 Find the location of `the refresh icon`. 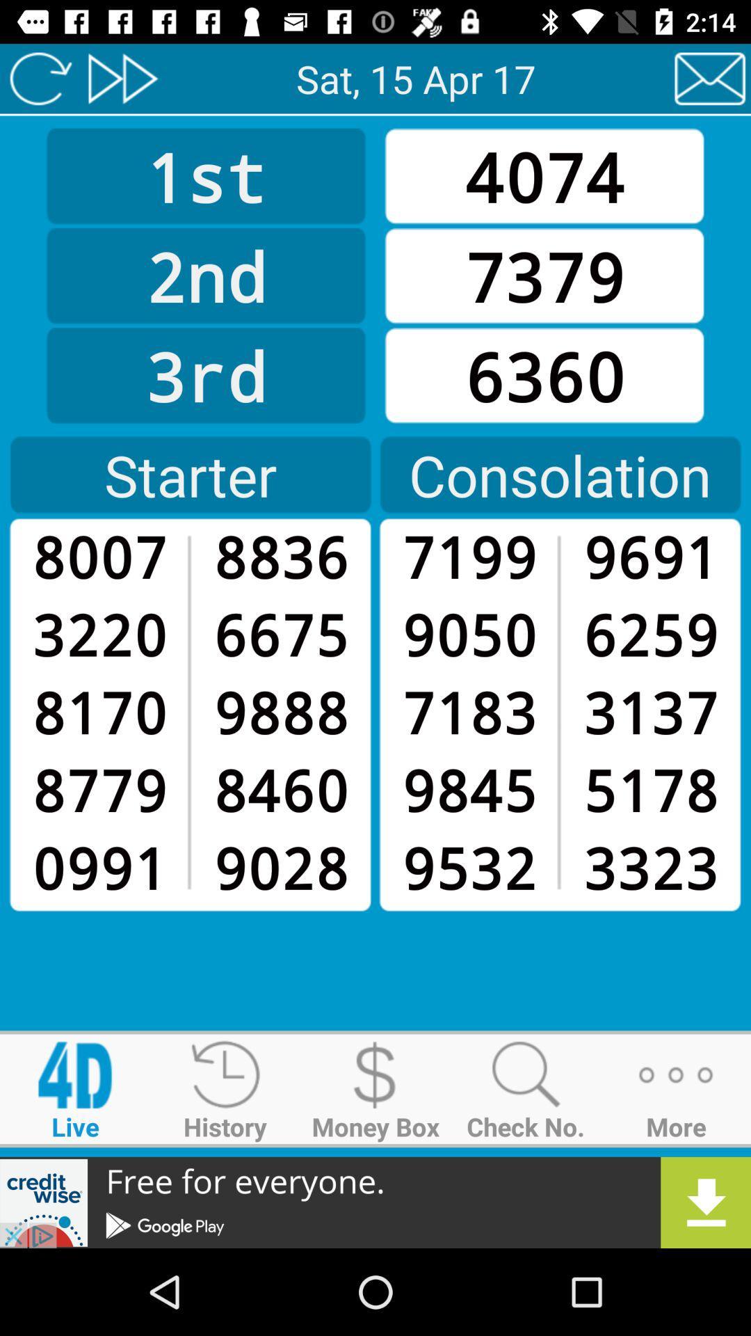

the refresh icon is located at coordinates (40, 78).